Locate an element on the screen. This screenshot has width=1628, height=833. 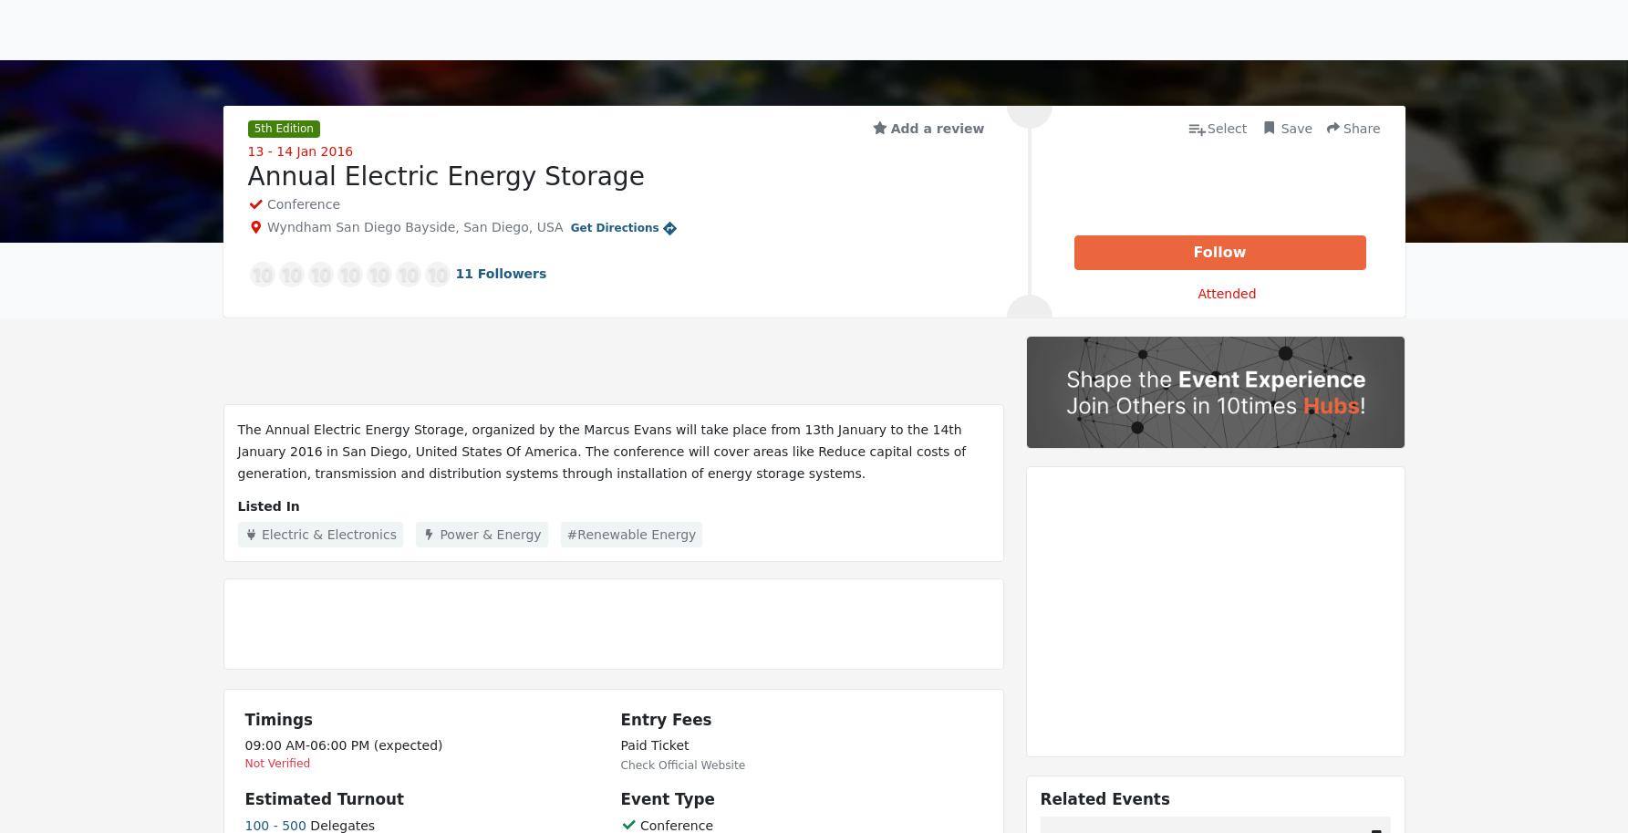
'Student at Technische Hochschule Wildau' is located at coordinates (707, 263).